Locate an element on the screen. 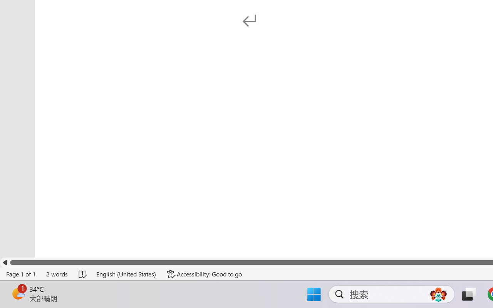  'AutomationID: BadgeAnchorLargeTicker' is located at coordinates (18, 293).